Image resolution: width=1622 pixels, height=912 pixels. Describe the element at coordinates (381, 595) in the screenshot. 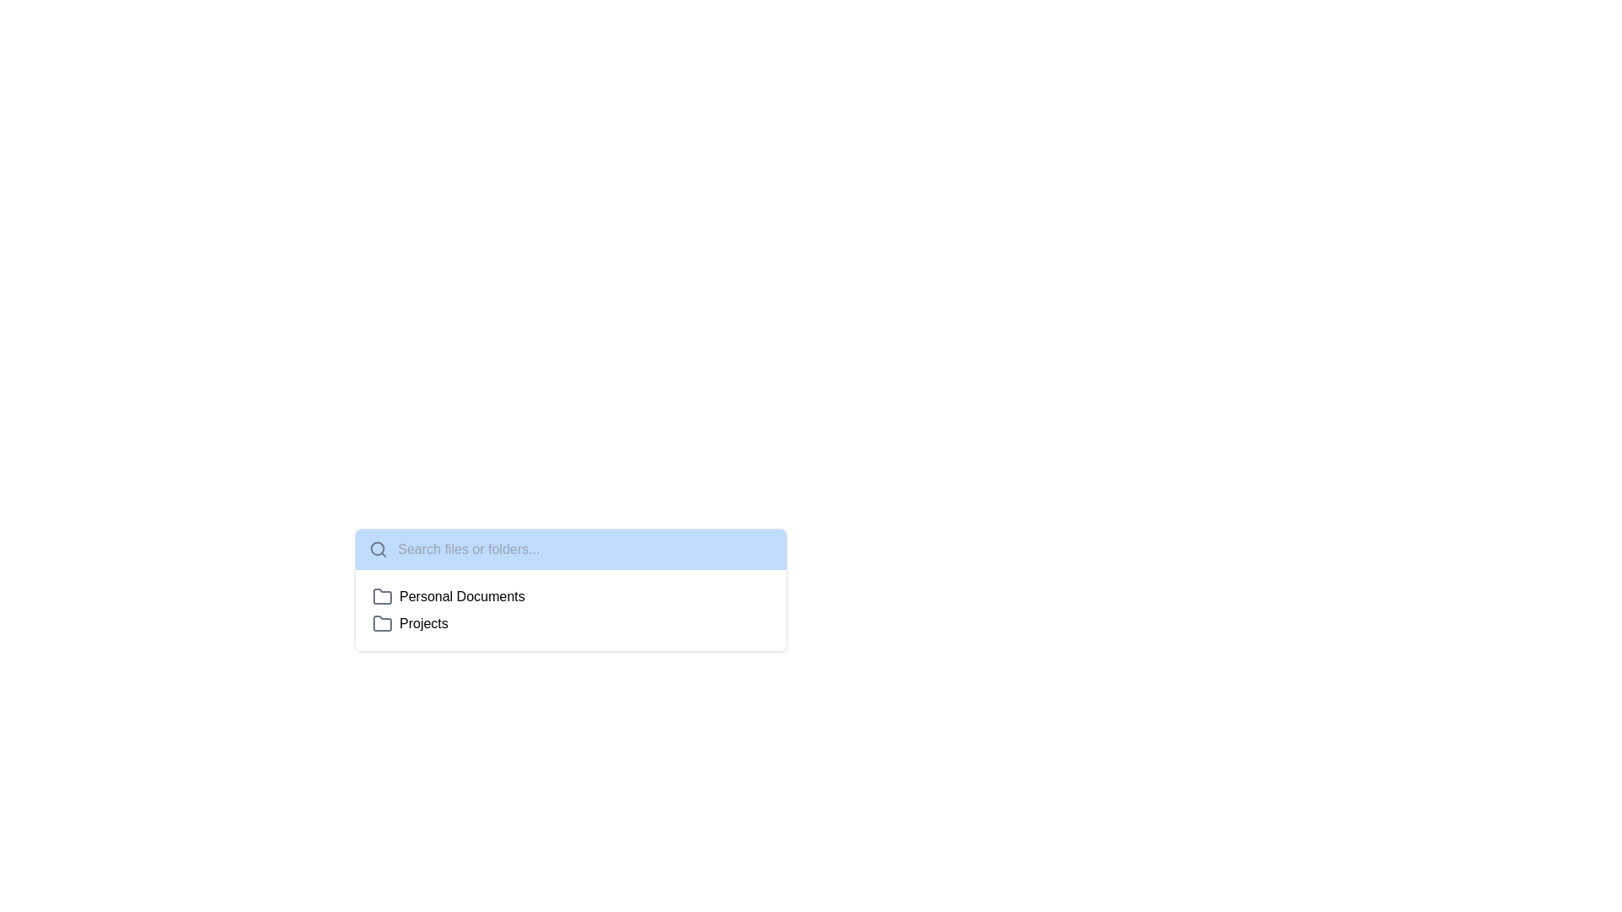

I see `the folder icon representing 'Personal Documents'` at that location.